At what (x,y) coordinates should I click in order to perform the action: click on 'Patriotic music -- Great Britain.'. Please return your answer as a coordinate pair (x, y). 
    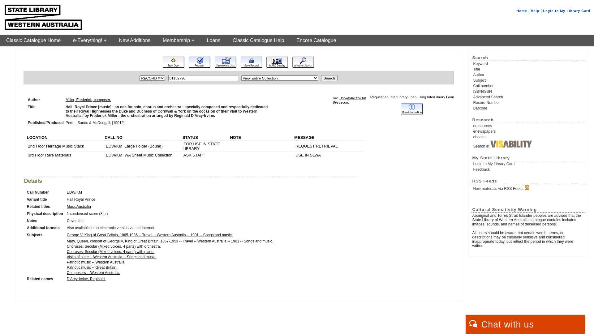
    Looking at the image, I should click on (67, 267).